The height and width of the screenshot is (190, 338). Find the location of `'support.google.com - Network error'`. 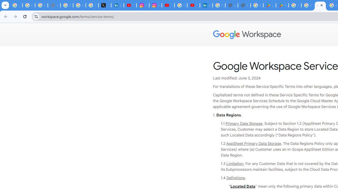

'support.google.com - Network error' is located at coordinates (54, 5).